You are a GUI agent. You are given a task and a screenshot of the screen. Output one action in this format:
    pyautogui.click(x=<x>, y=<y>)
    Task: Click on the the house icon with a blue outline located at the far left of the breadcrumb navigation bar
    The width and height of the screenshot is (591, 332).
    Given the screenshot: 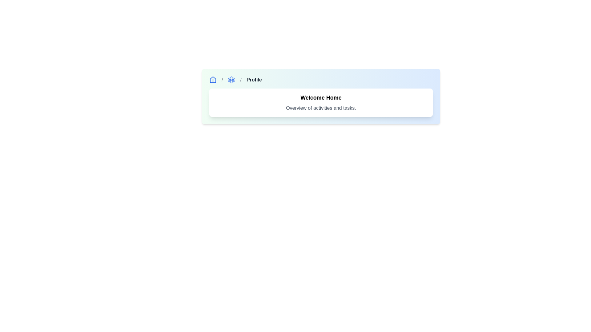 What is the action you would take?
    pyautogui.click(x=213, y=79)
    